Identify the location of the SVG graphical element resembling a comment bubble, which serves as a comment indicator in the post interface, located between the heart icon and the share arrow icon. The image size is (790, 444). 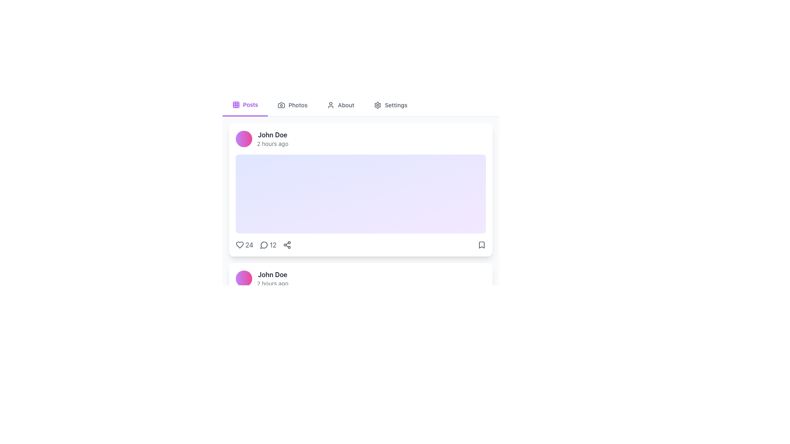
(264, 245).